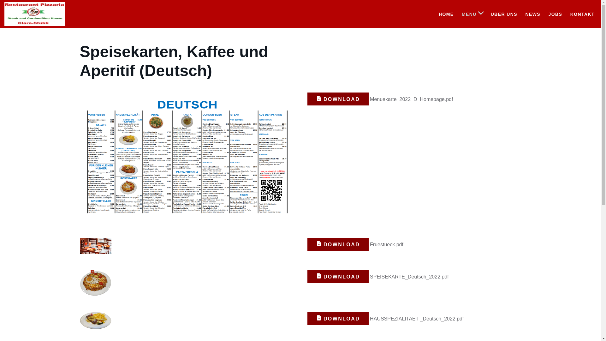 This screenshot has width=606, height=341. I want to click on 'DOWNLOAD', so click(338, 99).